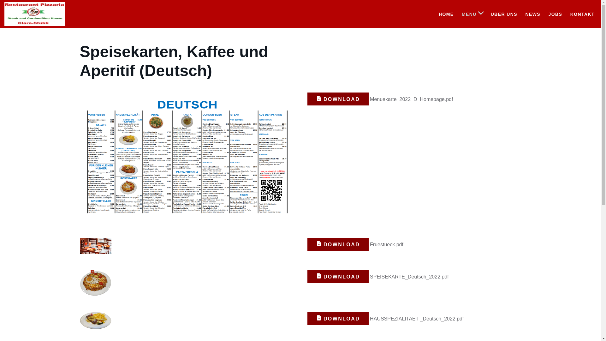 This screenshot has width=606, height=341. I want to click on 'DOWNLOAD', so click(338, 99).